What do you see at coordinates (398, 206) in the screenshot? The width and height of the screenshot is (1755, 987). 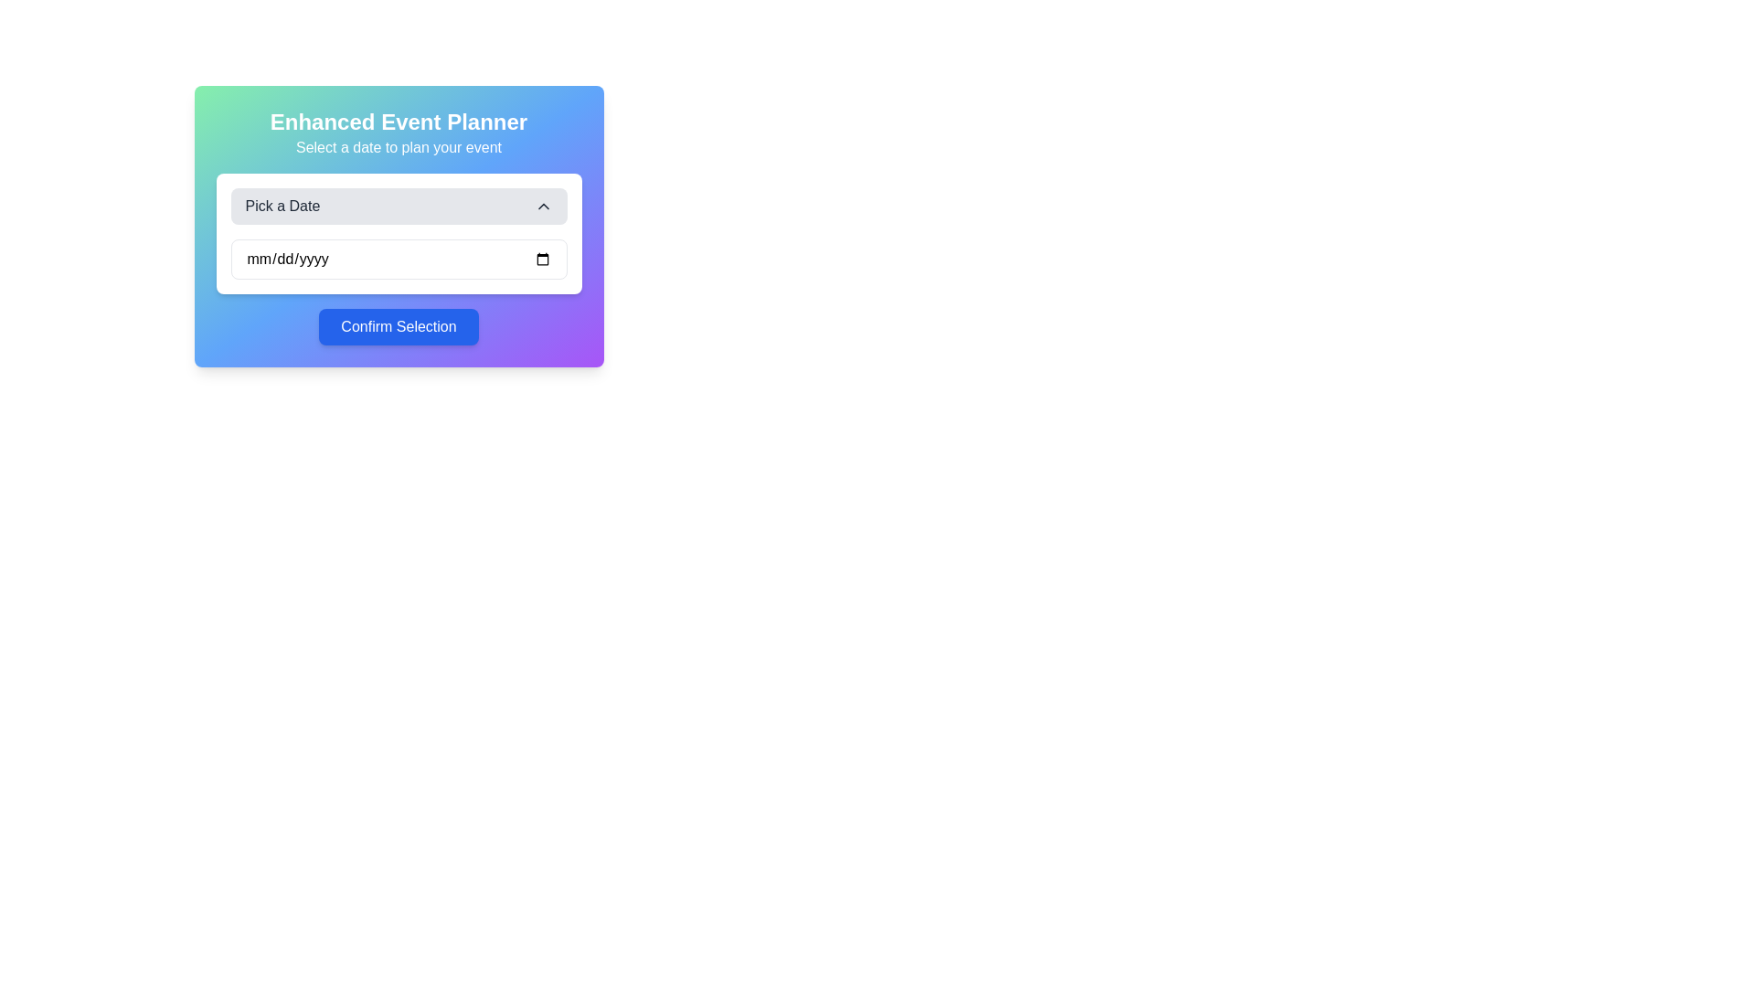 I see `the 'Pick a Date' dropdown menu button` at bounding box center [398, 206].